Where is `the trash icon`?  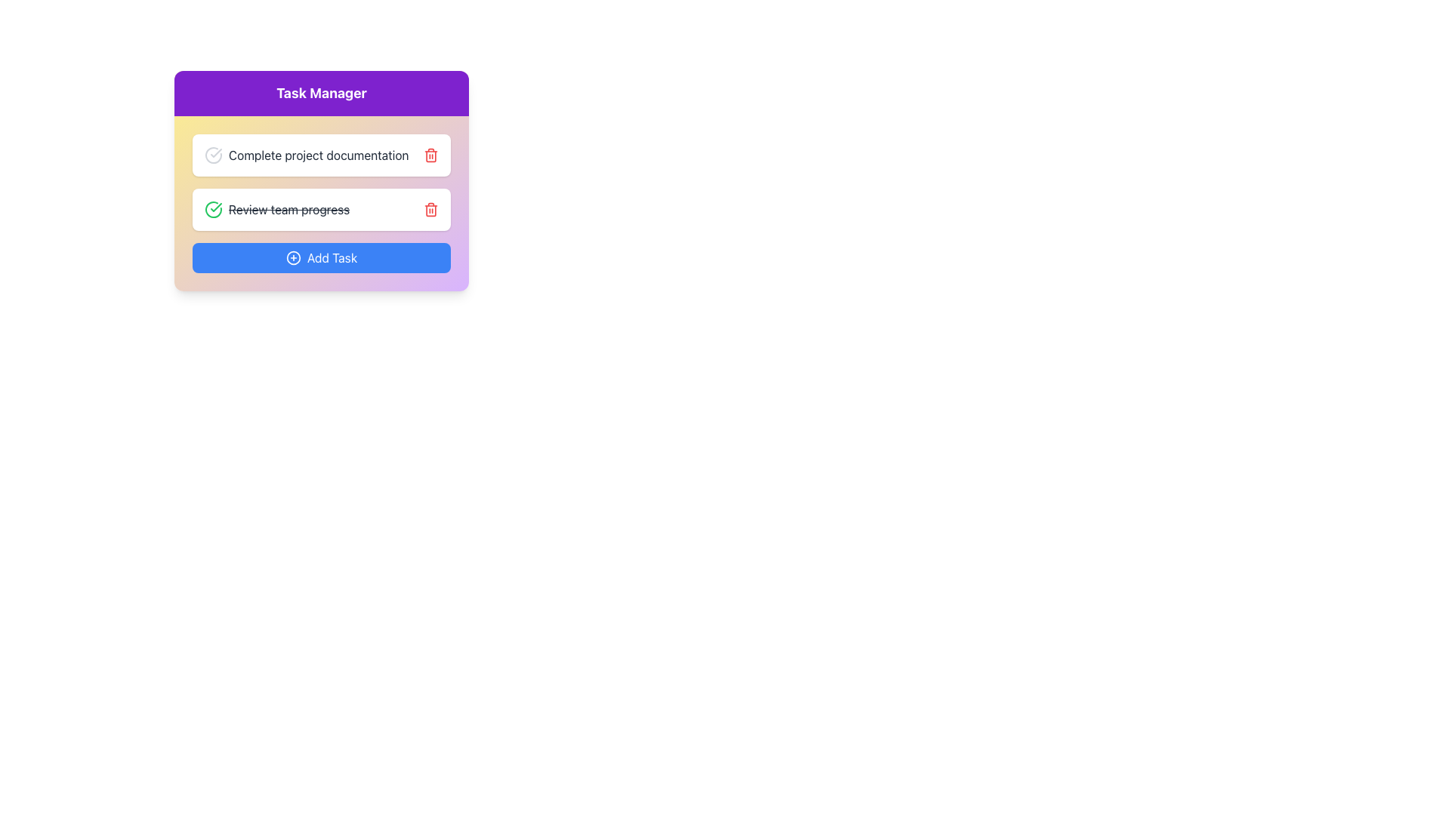 the trash icon is located at coordinates (321, 245).